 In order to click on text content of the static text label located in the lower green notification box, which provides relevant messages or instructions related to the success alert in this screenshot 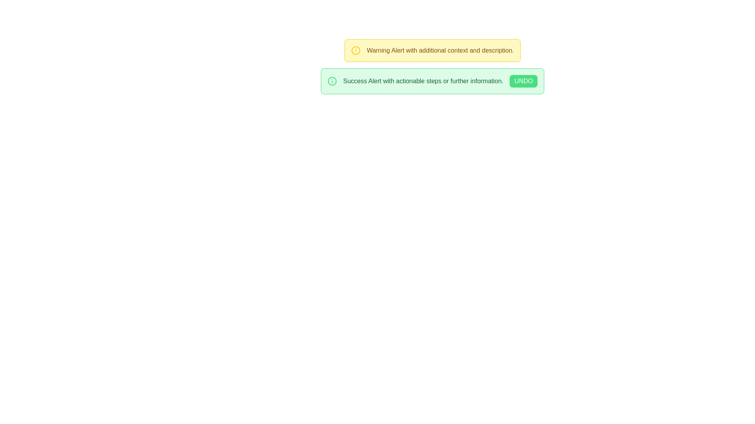, I will do `click(423, 81)`.